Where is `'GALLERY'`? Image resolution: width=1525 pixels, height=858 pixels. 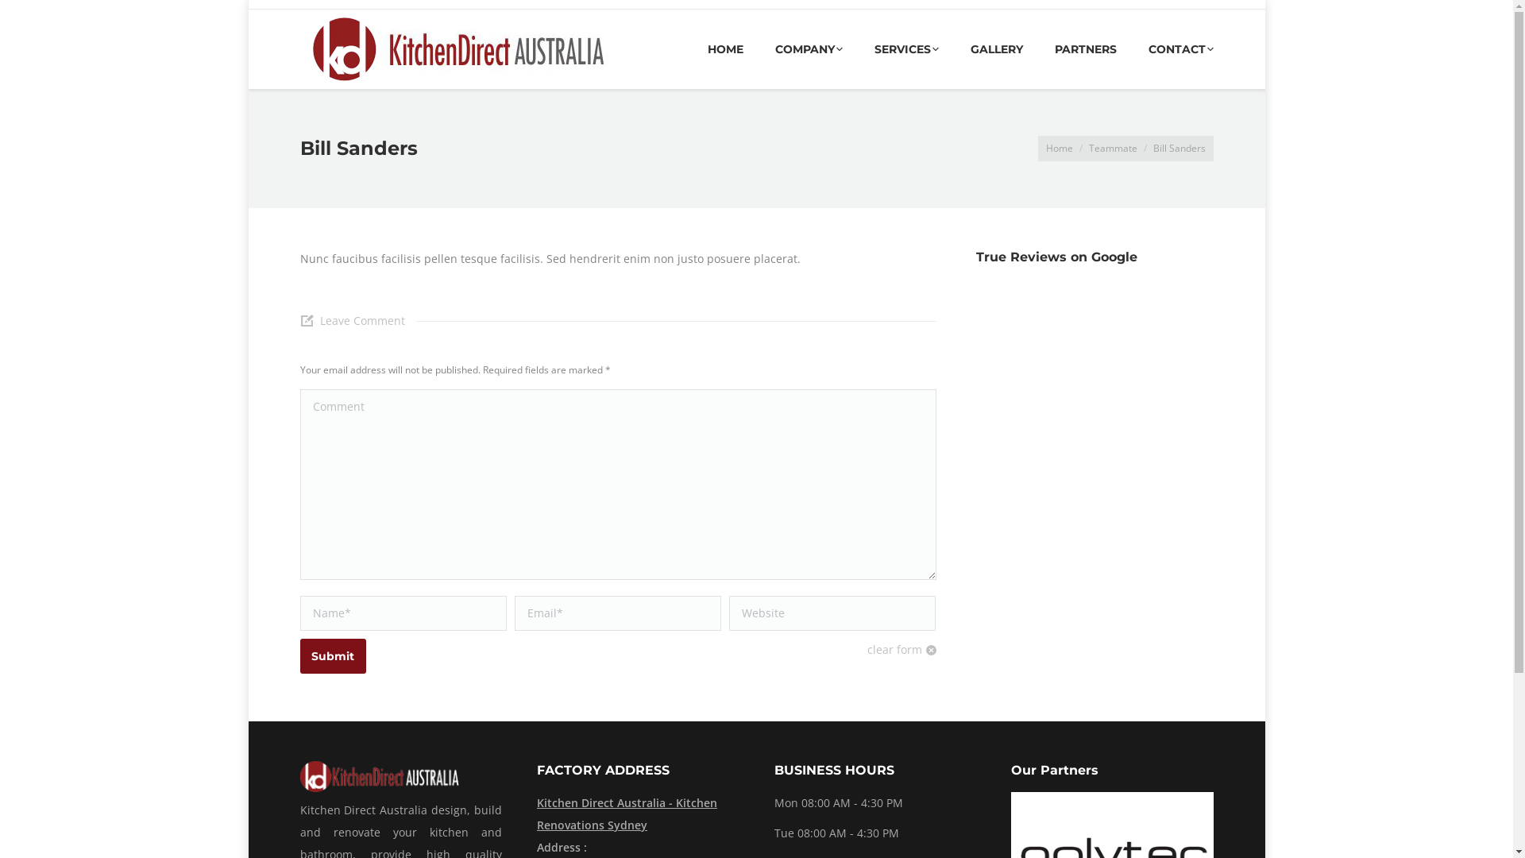 'GALLERY' is located at coordinates (995, 48).